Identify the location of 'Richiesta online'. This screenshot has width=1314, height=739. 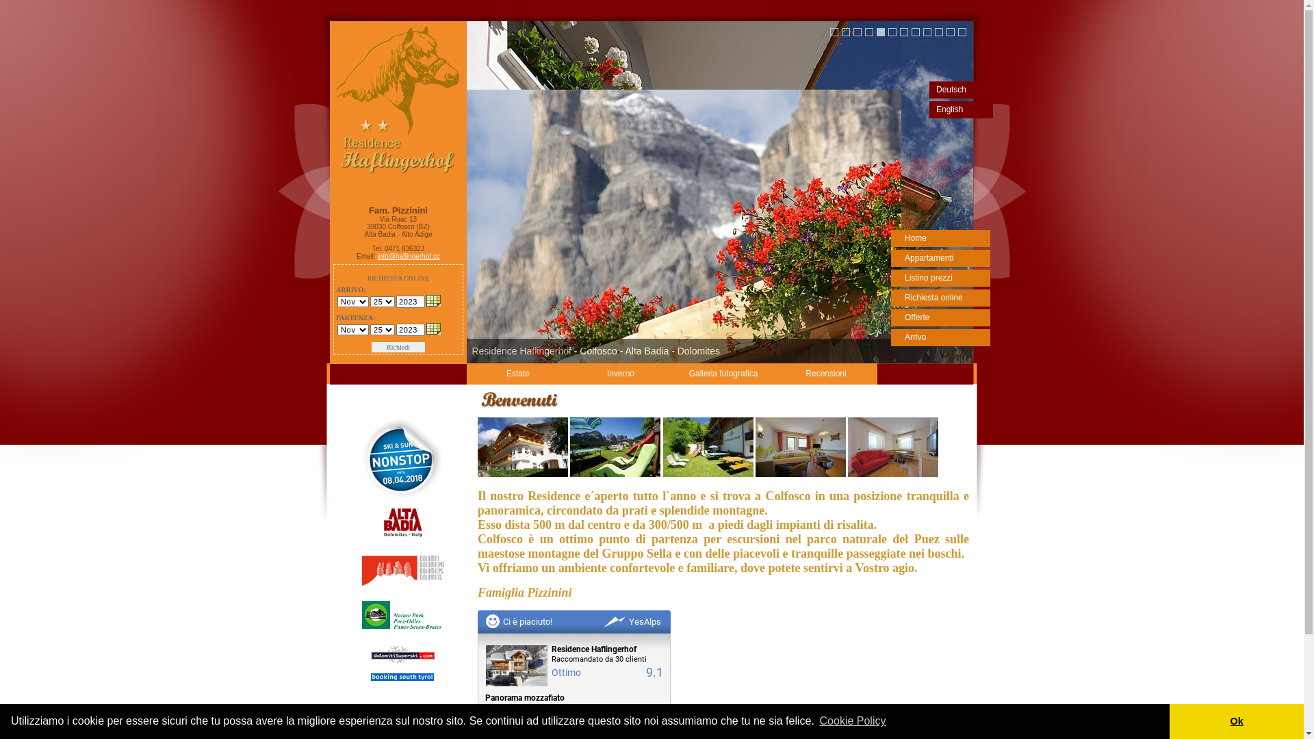
(940, 297).